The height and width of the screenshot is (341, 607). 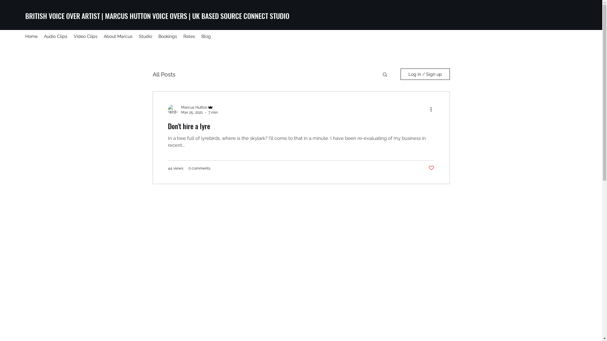 What do you see at coordinates (56, 36) in the screenshot?
I see `'Audio Clips'` at bounding box center [56, 36].